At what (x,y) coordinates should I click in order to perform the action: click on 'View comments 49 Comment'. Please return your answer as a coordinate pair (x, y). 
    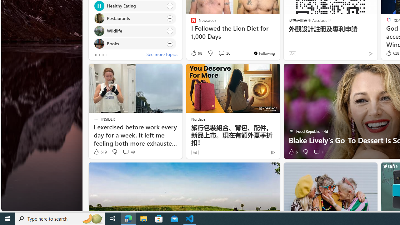
    Looking at the image, I should click on (125, 152).